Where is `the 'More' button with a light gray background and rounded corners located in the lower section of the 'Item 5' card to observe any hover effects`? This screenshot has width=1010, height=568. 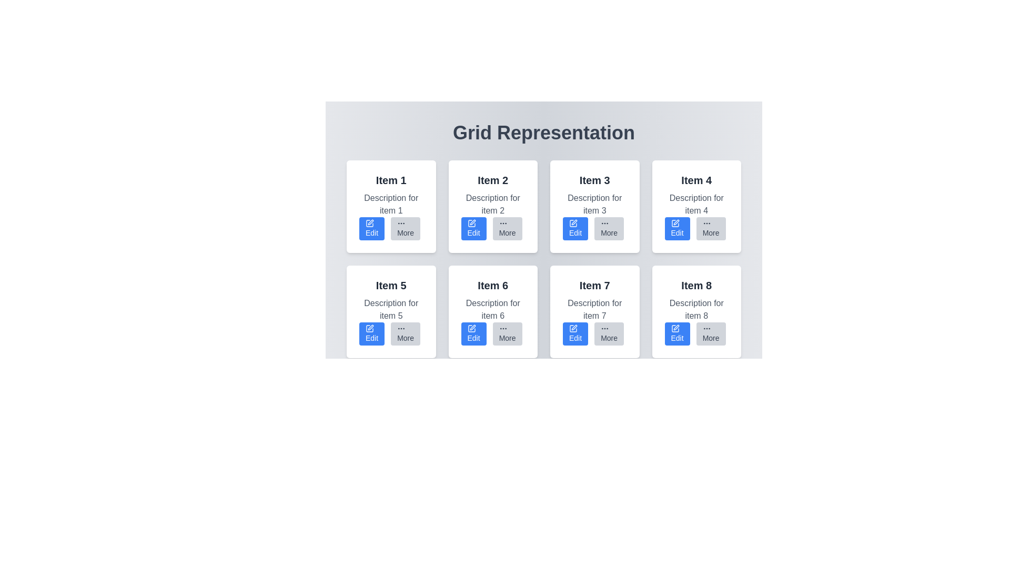
the 'More' button with a light gray background and rounded corners located in the lower section of the 'Item 5' card to observe any hover effects is located at coordinates (405, 334).